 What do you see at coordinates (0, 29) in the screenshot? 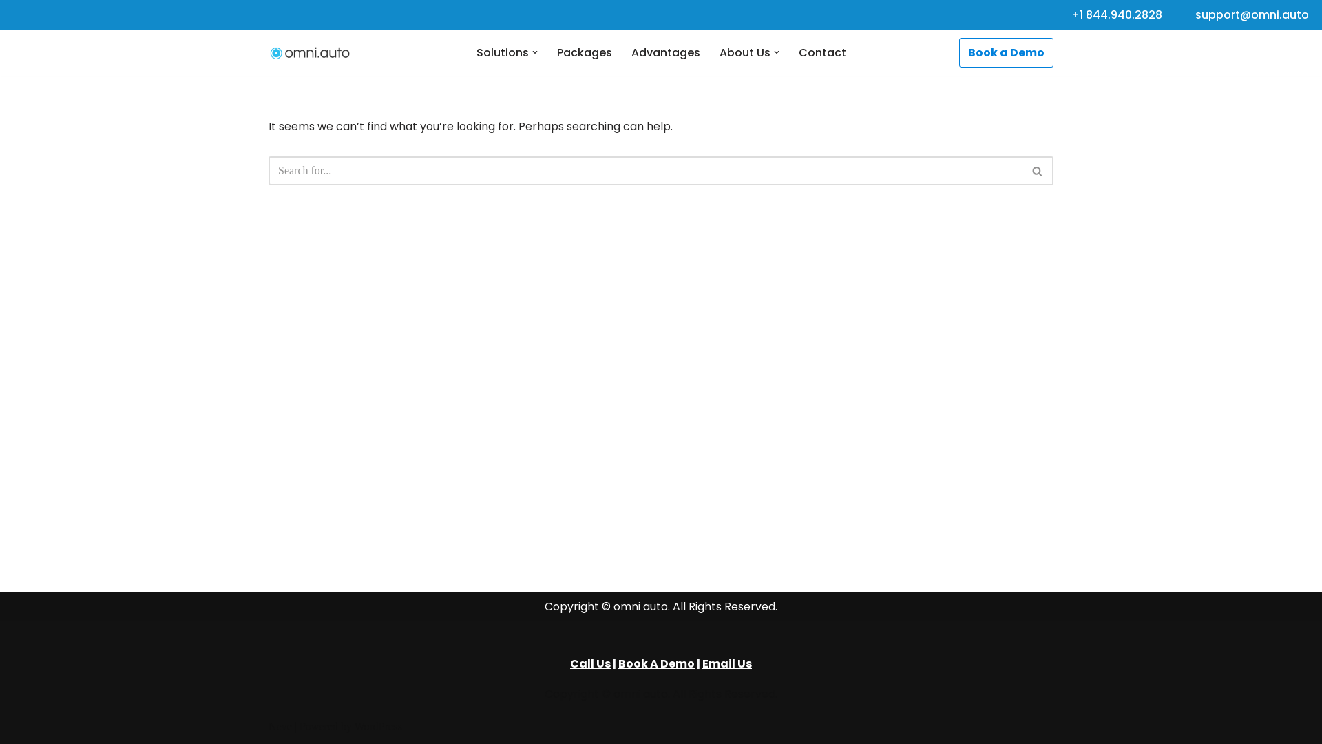
I see `'Skip to content'` at bounding box center [0, 29].